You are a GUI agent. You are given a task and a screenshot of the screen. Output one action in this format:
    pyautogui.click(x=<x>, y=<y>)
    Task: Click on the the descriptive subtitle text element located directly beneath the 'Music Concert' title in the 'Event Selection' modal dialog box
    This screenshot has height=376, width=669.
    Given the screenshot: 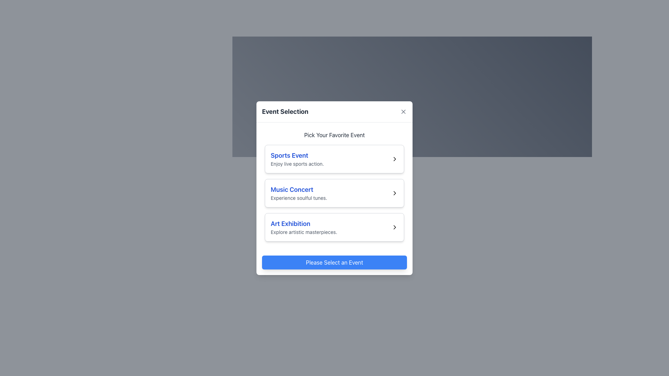 What is the action you would take?
    pyautogui.click(x=299, y=198)
    